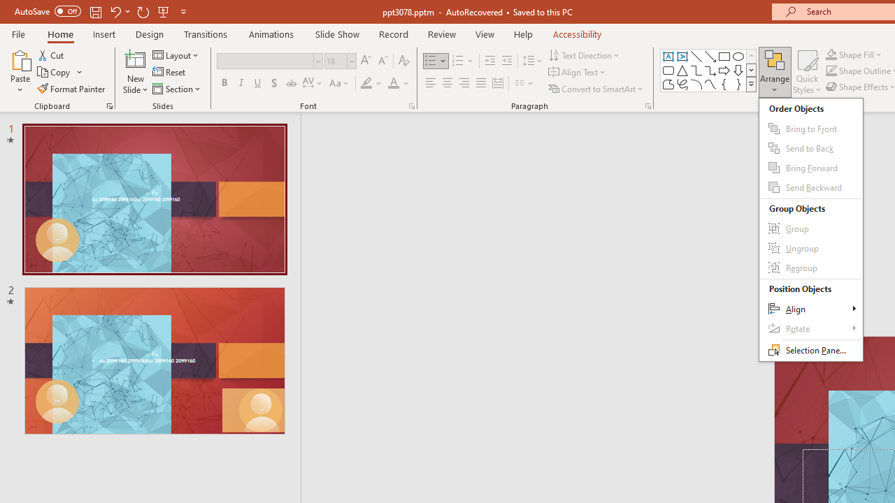  What do you see at coordinates (710, 84) in the screenshot?
I see `'Curve'` at bounding box center [710, 84].